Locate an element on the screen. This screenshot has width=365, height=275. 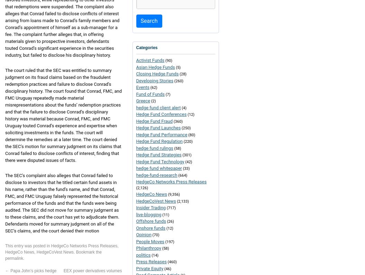
'permalink' is located at coordinates (5, 258).